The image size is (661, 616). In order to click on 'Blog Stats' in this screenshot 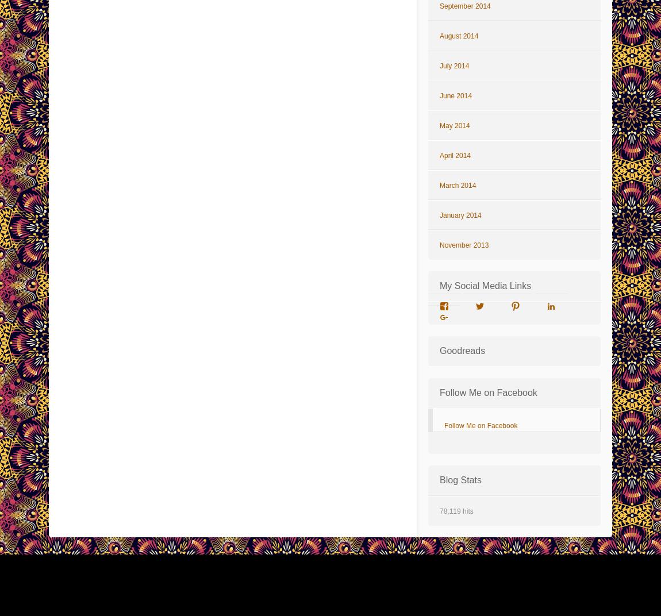, I will do `click(459, 479)`.